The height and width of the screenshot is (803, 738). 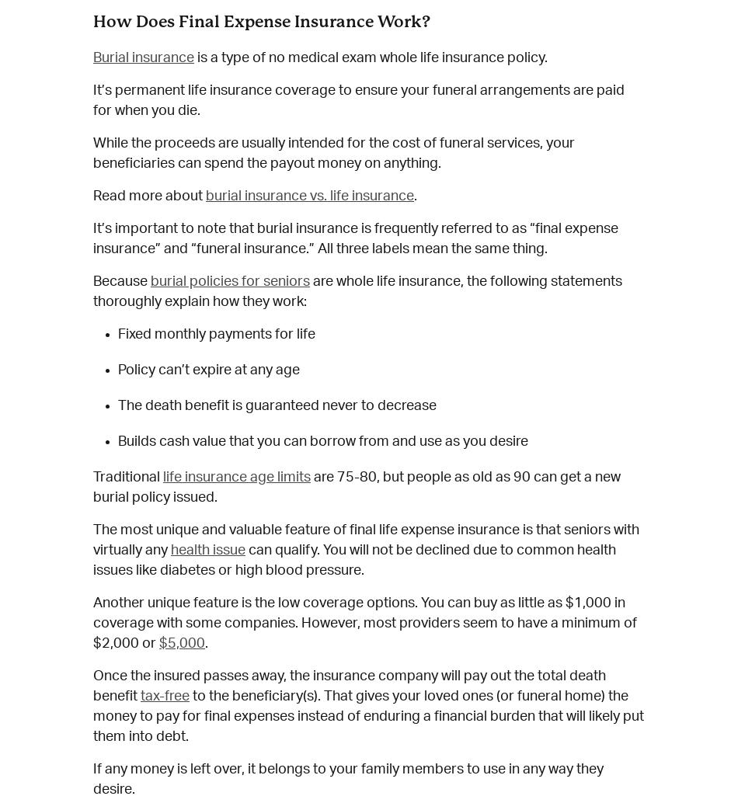 What do you see at coordinates (322, 440) in the screenshot?
I see `'Builds cash value that you can borrow from and use as you desire'` at bounding box center [322, 440].